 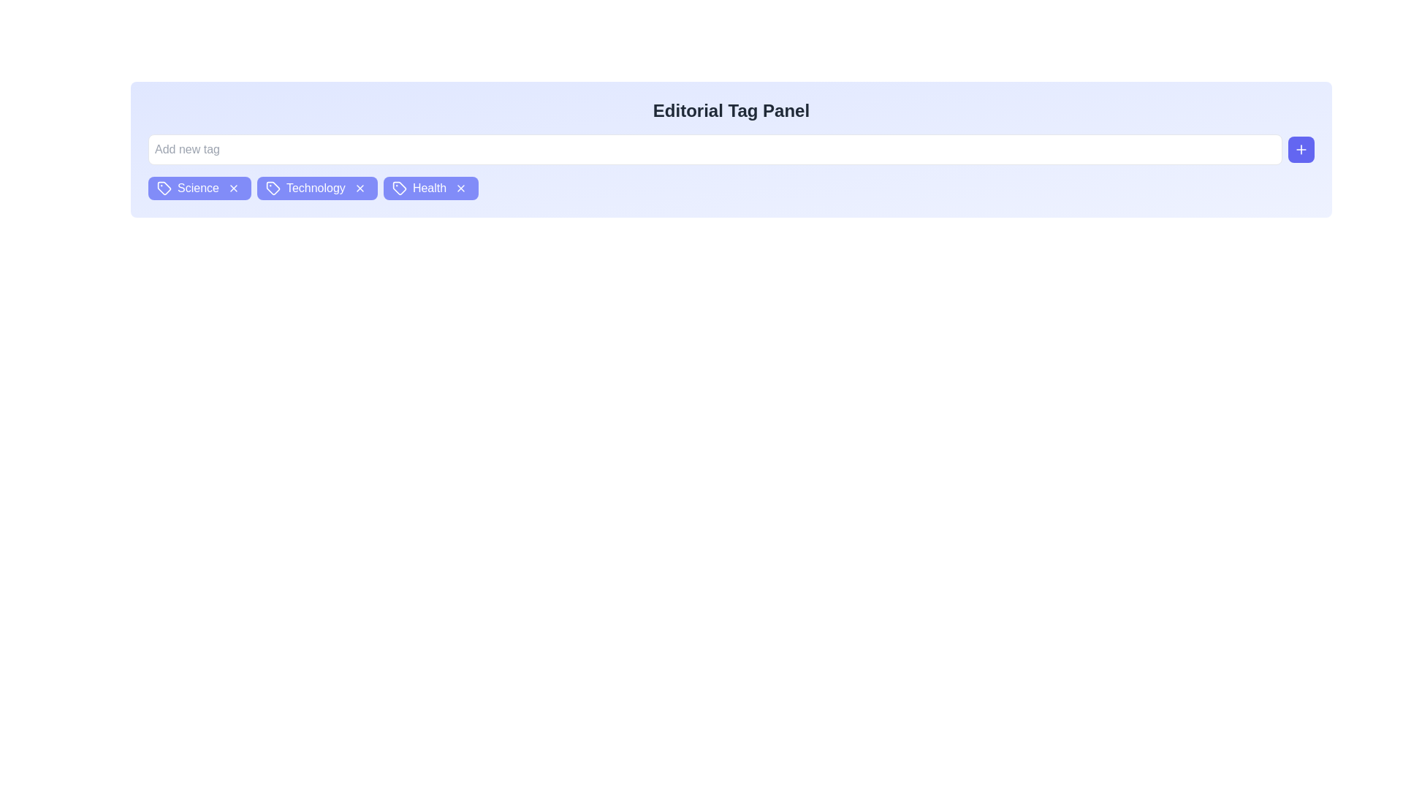 I want to click on the 'Health' tag, so click(x=429, y=188).